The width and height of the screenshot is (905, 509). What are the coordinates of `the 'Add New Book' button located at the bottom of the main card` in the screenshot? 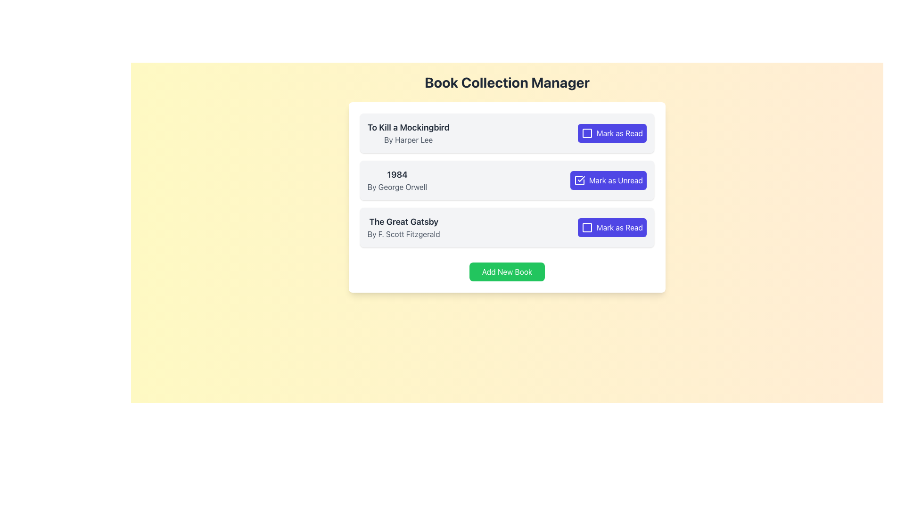 It's located at (506, 272).